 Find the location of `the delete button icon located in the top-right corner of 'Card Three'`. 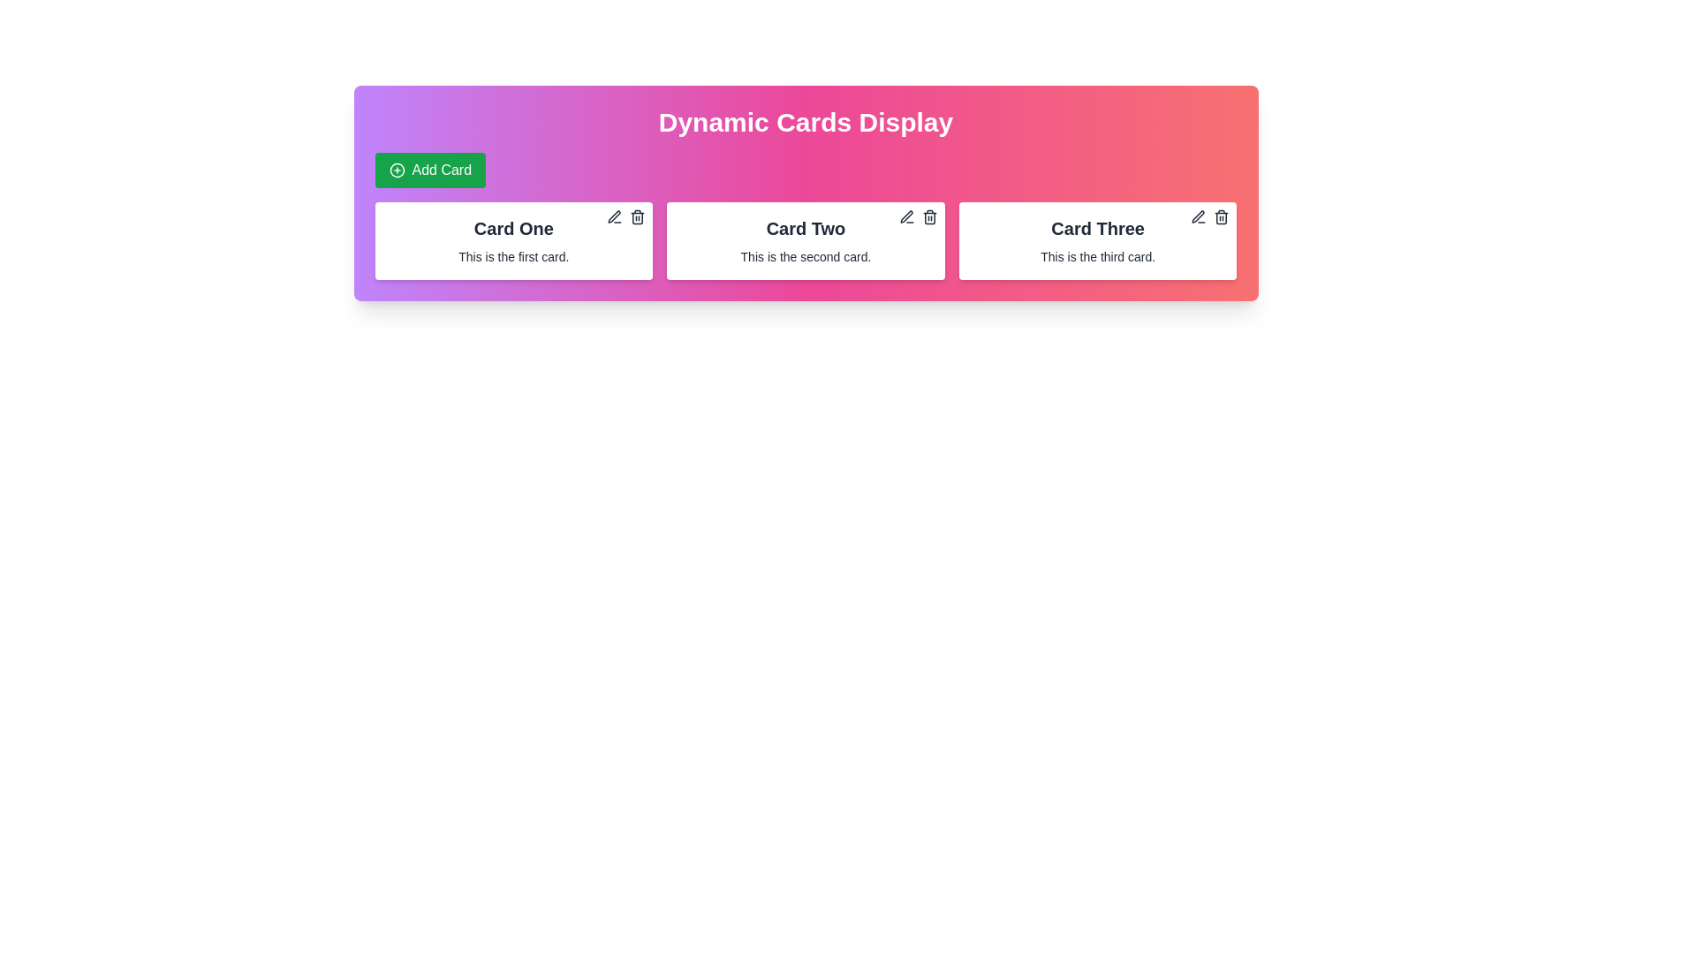

the delete button icon located in the top-right corner of 'Card Three' is located at coordinates (1221, 216).